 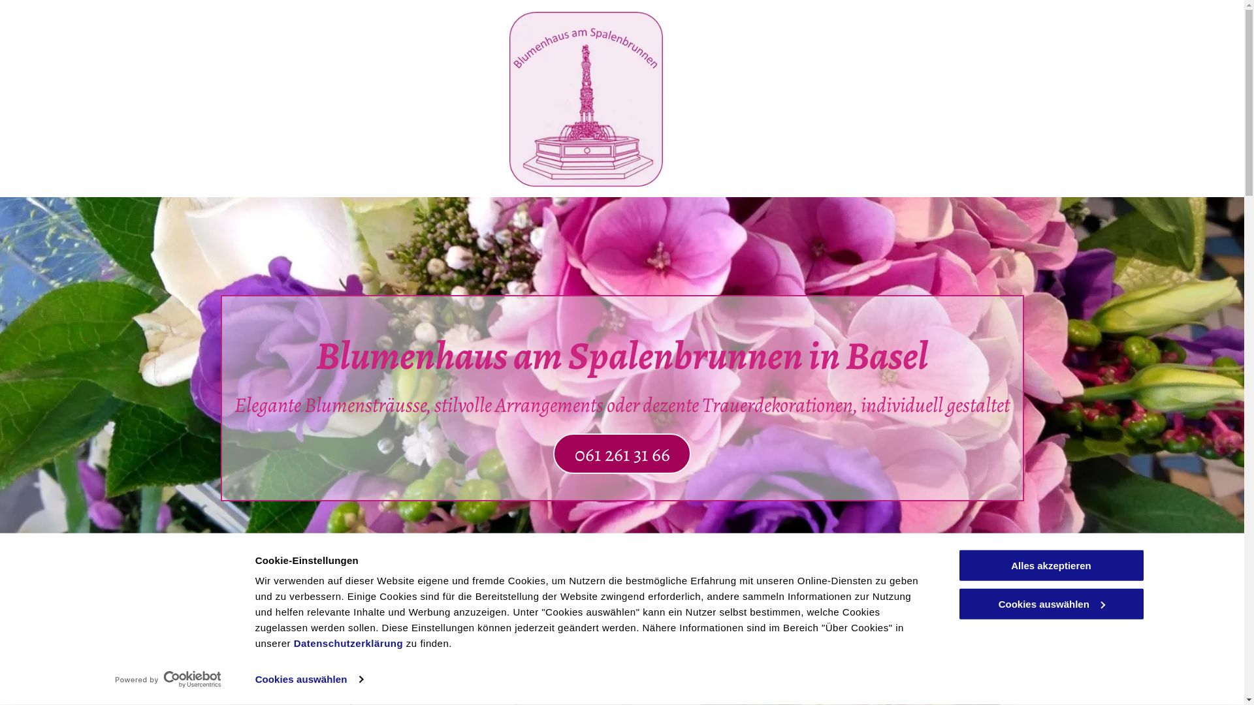 I want to click on '061 261 31 66', so click(x=621, y=452).